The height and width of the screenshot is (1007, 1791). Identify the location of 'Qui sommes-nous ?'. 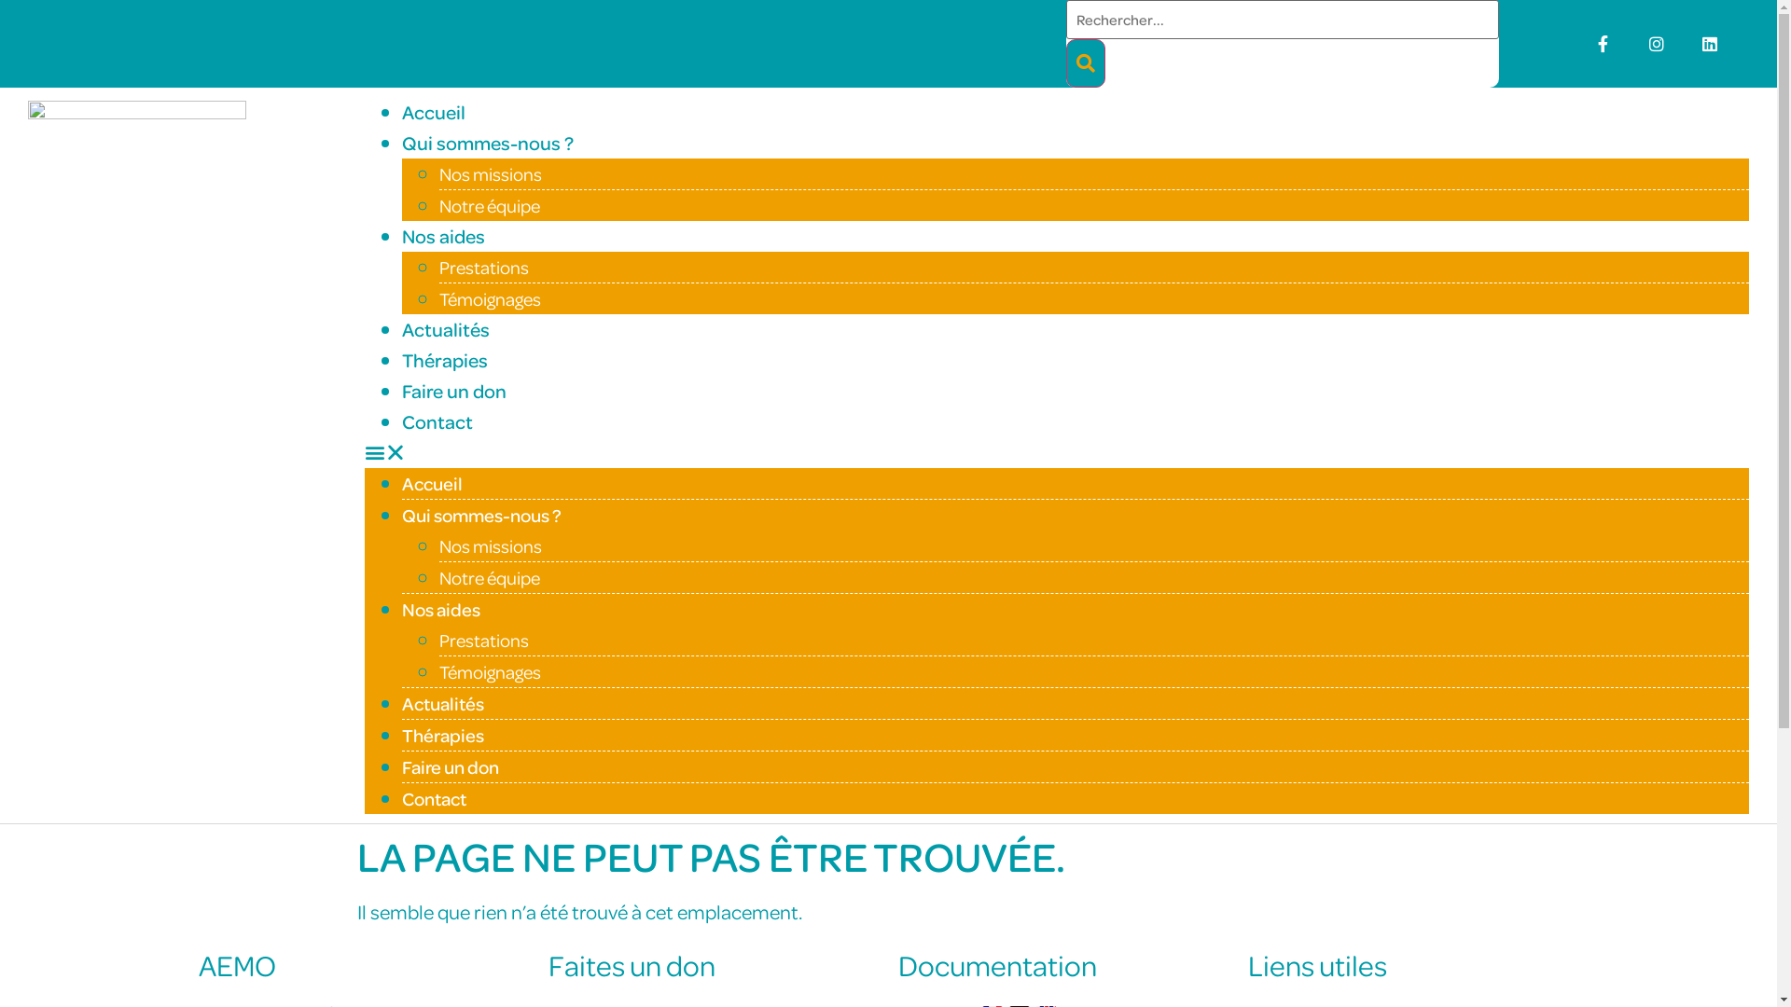
(488, 142).